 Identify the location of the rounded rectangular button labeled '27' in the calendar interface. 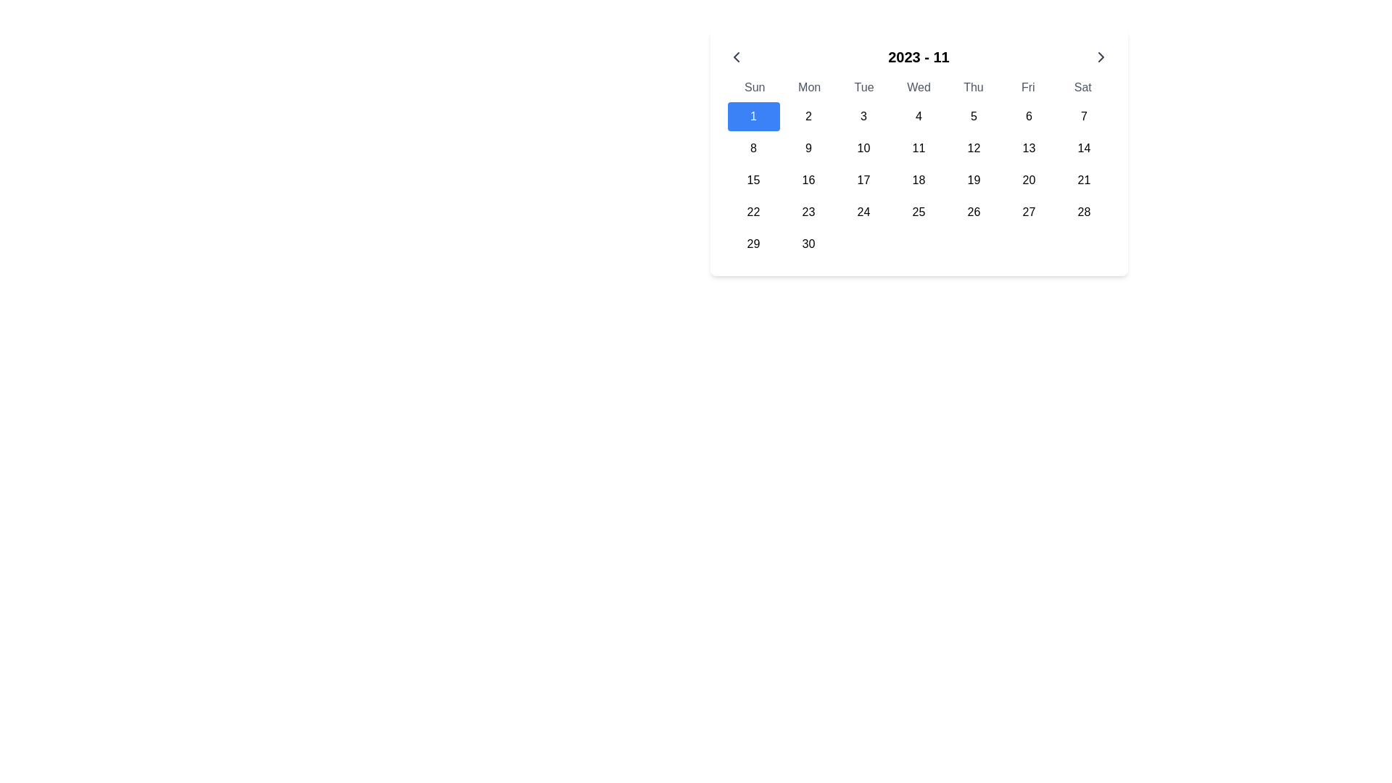
(1028, 212).